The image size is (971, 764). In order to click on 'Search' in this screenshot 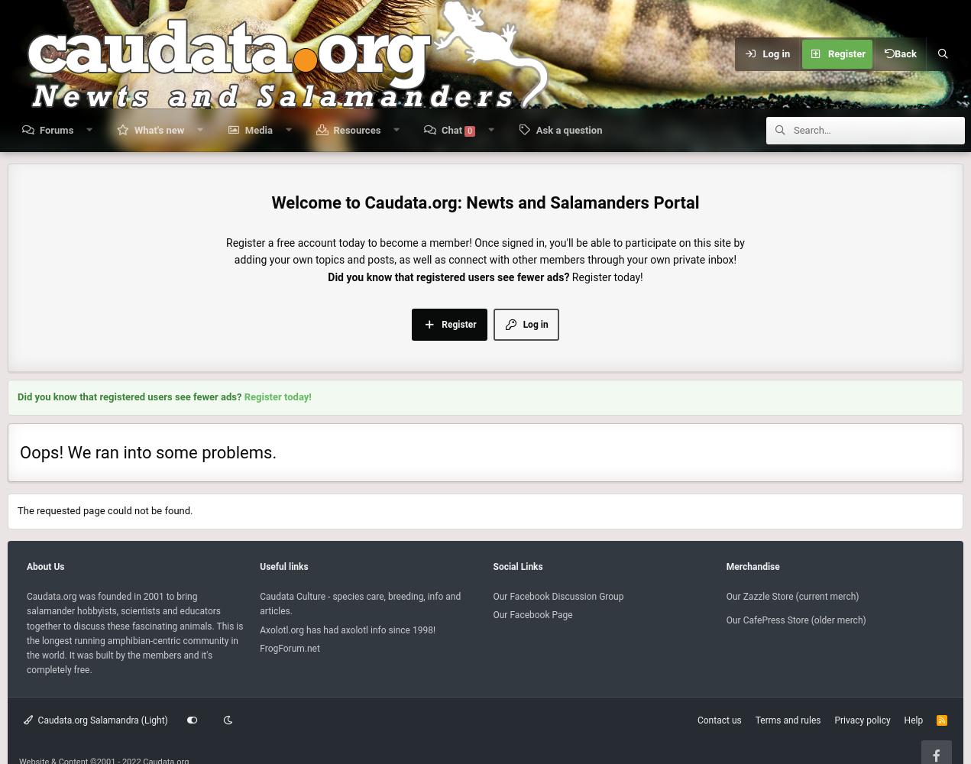, I will do `click(887, 238)`.